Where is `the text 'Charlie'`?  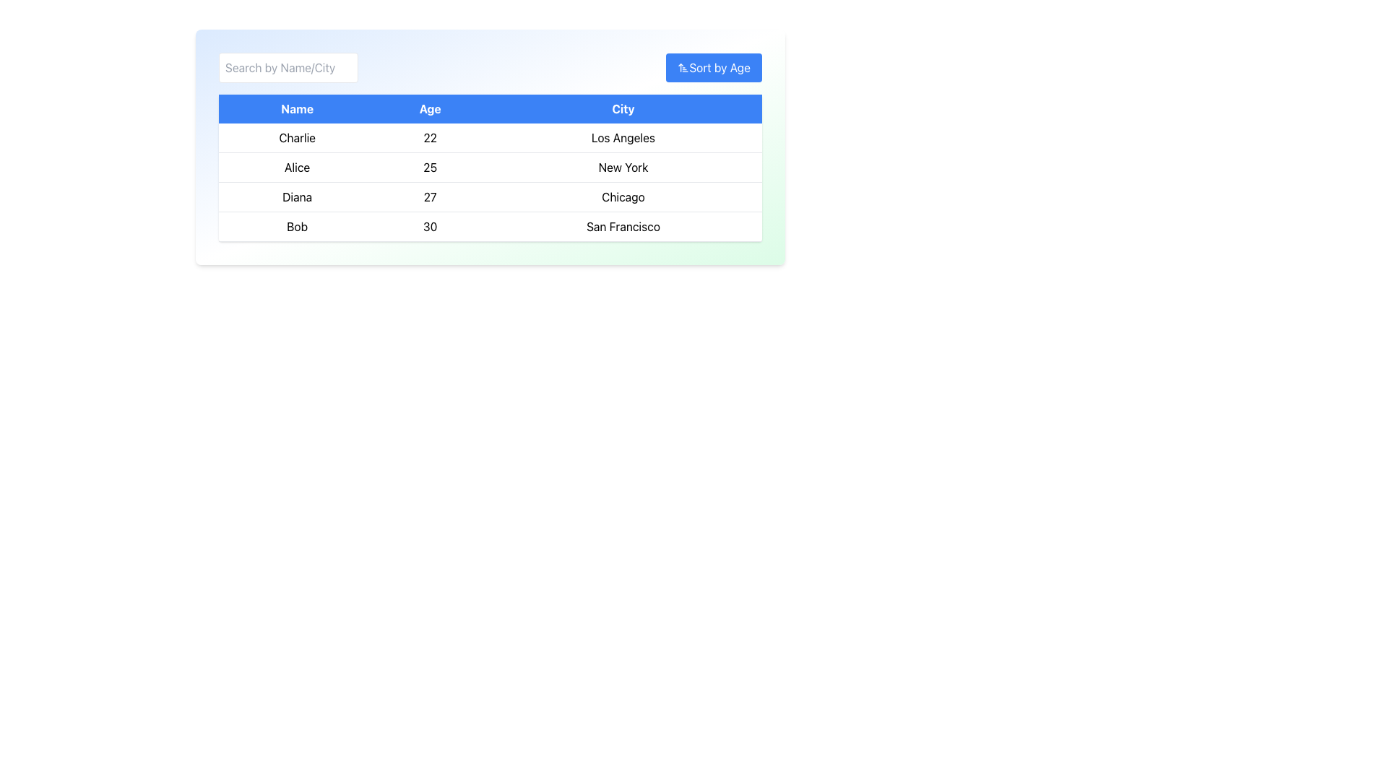
the text 'Charlie' is located at coordinates (296, 138).